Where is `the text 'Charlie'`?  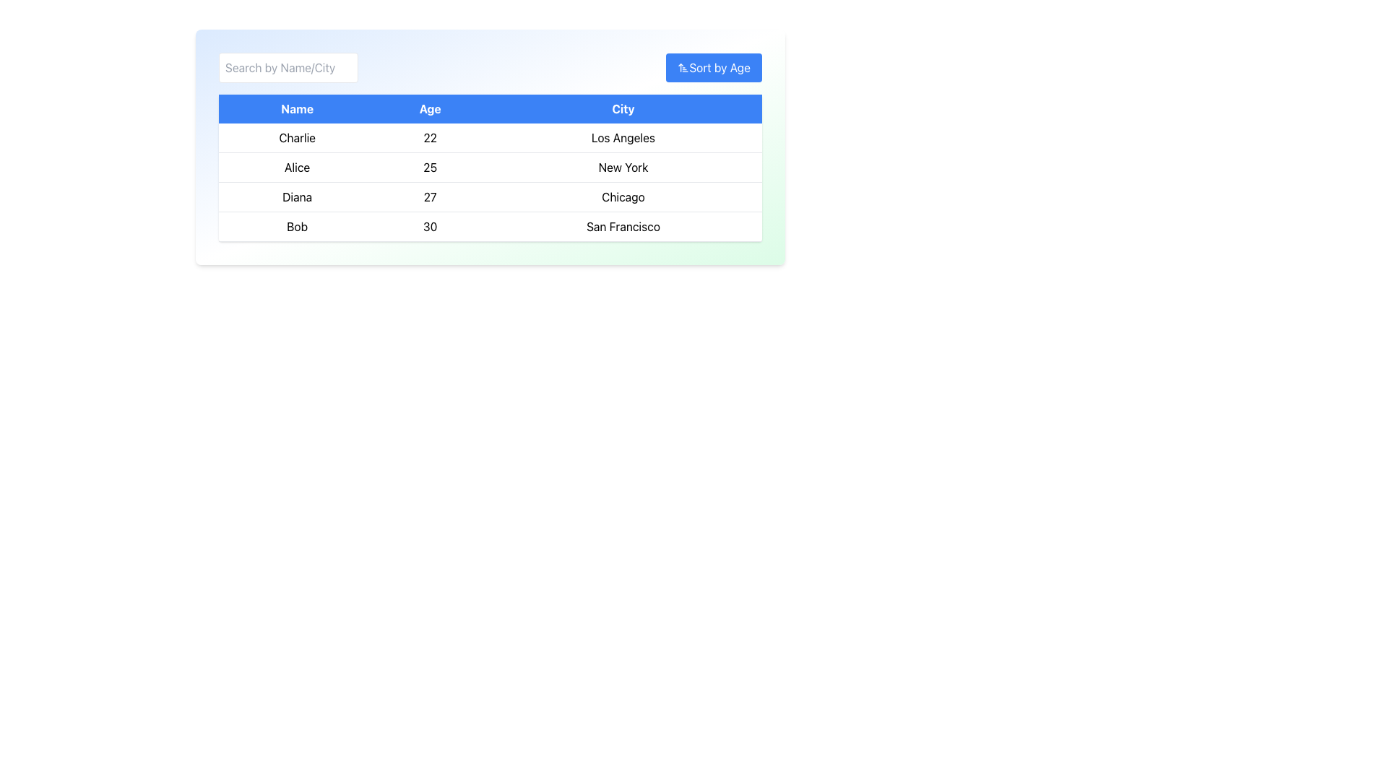
the text 'Charlie' is located at coordinates (296, 138).